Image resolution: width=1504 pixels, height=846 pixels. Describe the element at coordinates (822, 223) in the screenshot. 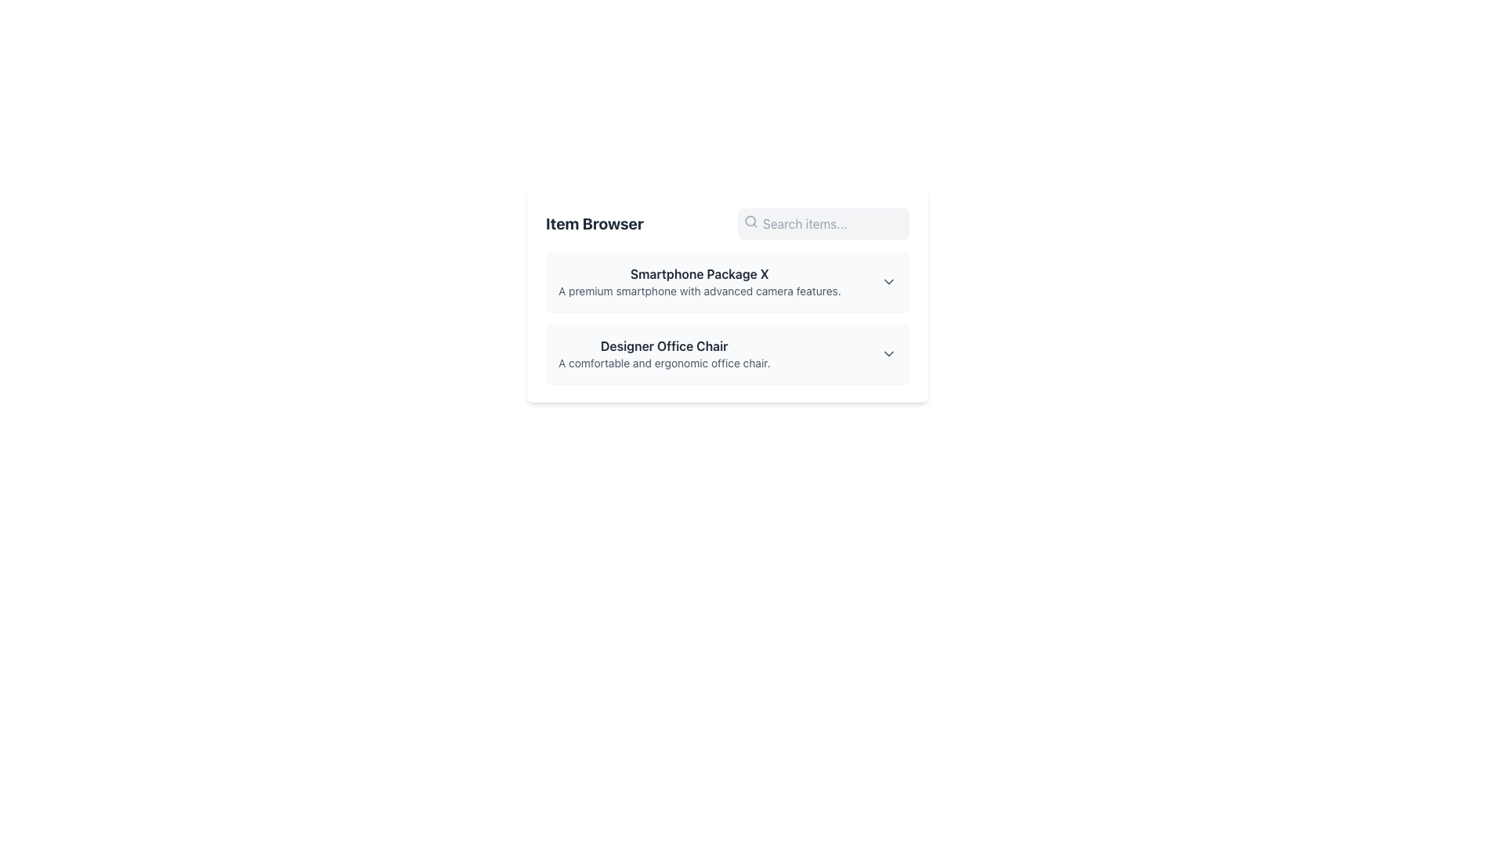

I see `the search bar located in the top-right corner of the 'Item Browser' header section to focus on the input field` at that location.